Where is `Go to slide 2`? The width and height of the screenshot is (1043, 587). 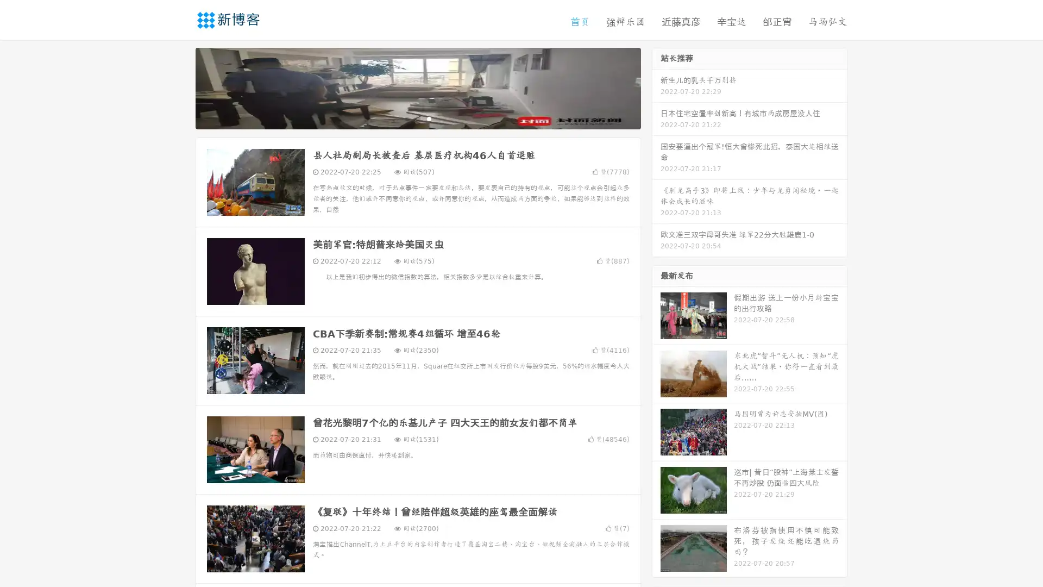
Go to slide 2 is located at coordinates (417, 122).